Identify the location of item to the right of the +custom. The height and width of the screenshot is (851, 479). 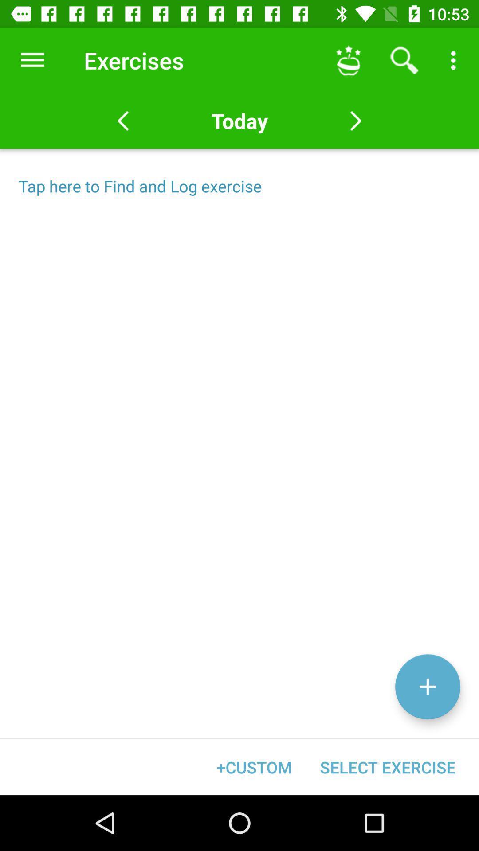
(387, 767).